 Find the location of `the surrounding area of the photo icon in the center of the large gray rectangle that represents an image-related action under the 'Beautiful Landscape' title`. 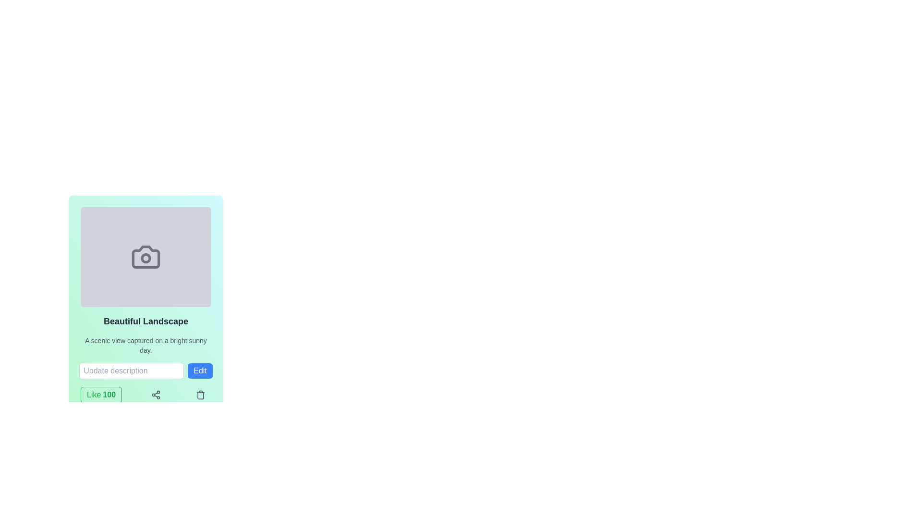

the surrounding area of the photo icon in the center of the large gray rectangle that represents an image-related action under the 'Beautiful Landscape' title is located at coordinates (145, 257).